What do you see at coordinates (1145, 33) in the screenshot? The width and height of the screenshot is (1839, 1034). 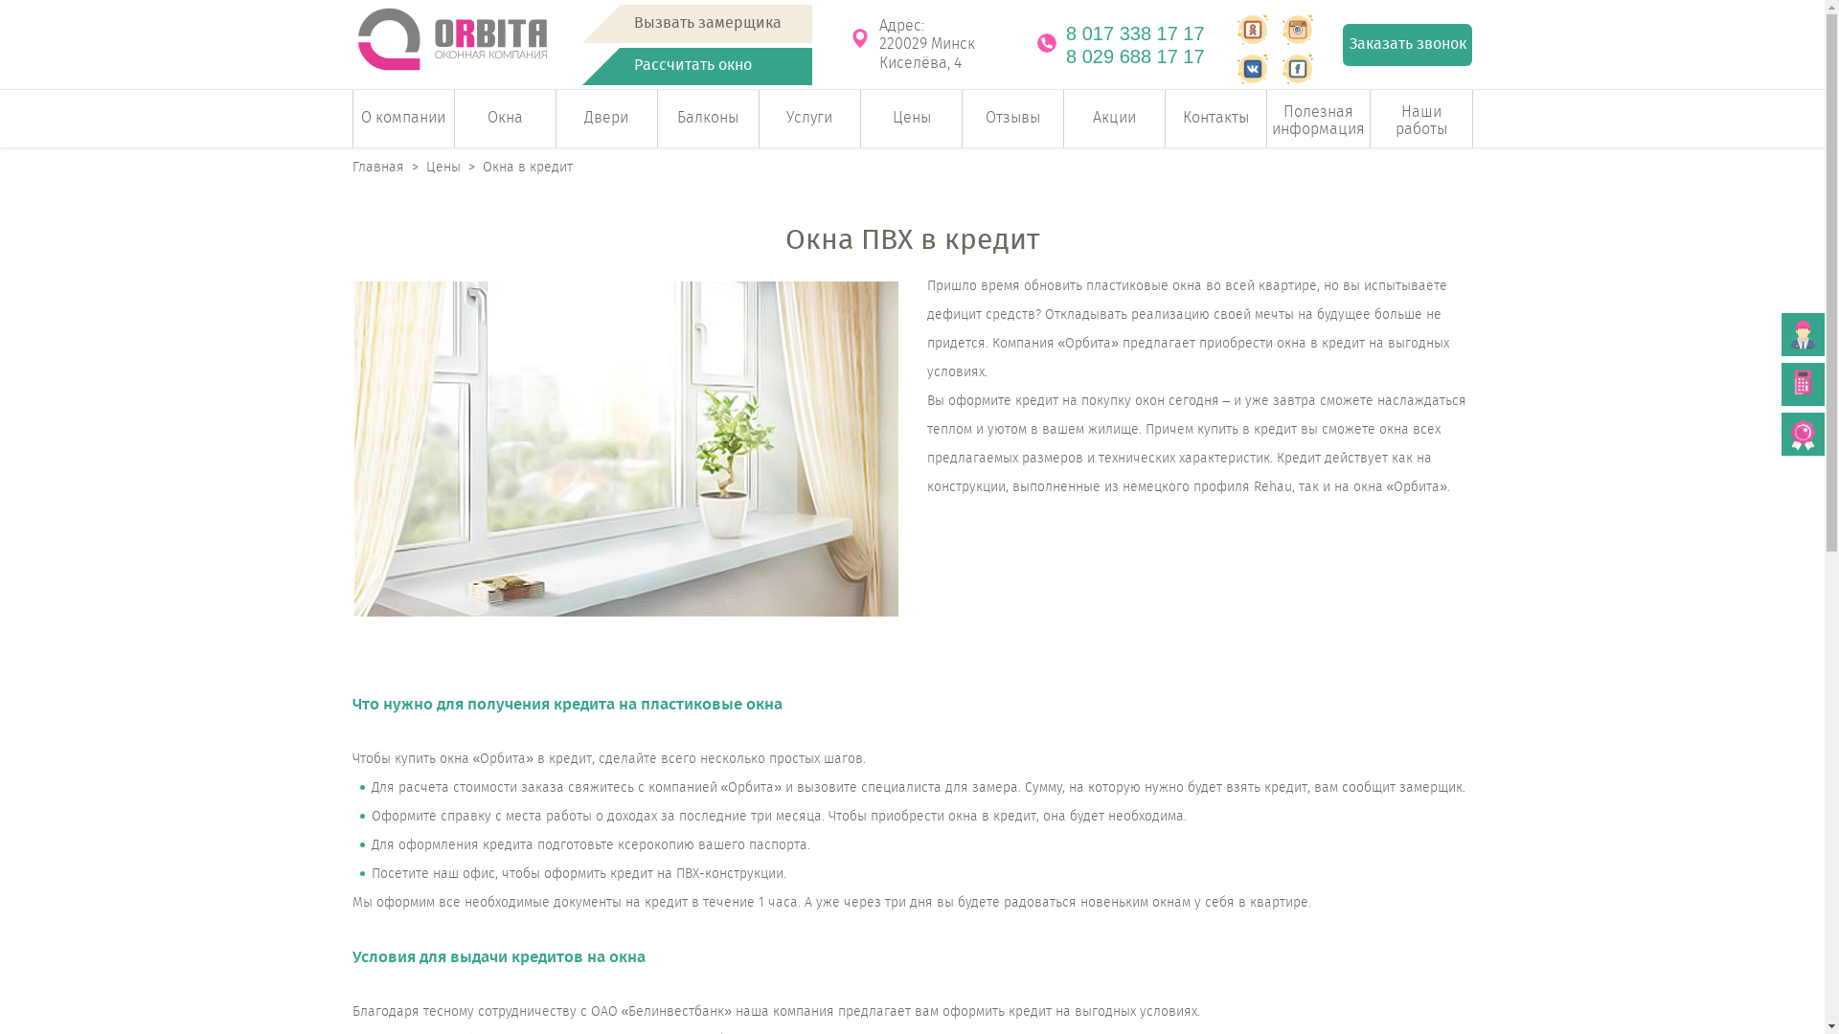 I see `'8 017 338 17 17'` at bounding box center [1145, 33].